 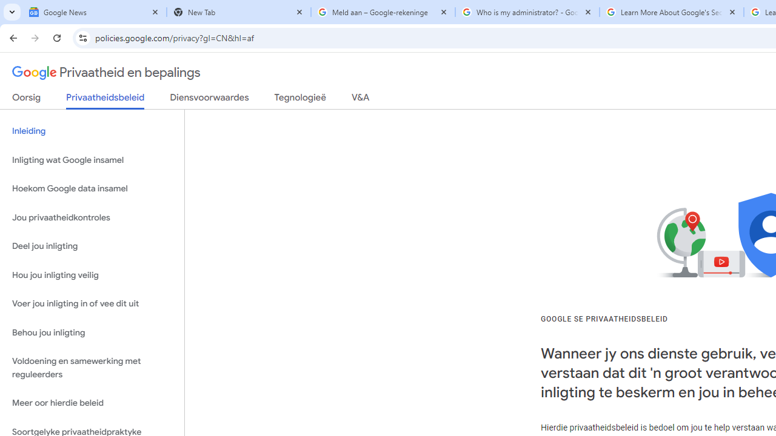 I want to click on 'Jou privaatheidkontroles', so click(x=92, y=217).